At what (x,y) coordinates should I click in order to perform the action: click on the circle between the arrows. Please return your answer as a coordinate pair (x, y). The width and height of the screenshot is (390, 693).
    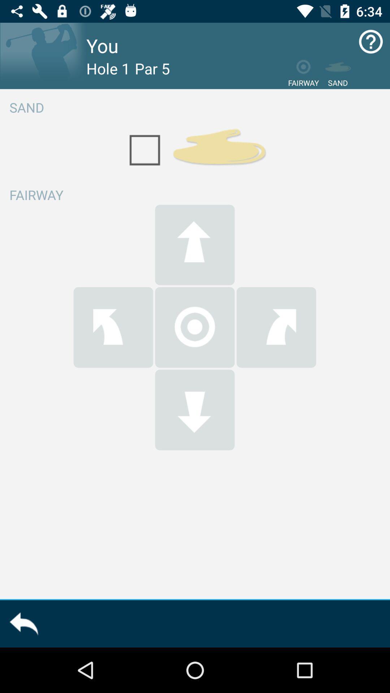
    Looking at the image, I should click on (195, 327).